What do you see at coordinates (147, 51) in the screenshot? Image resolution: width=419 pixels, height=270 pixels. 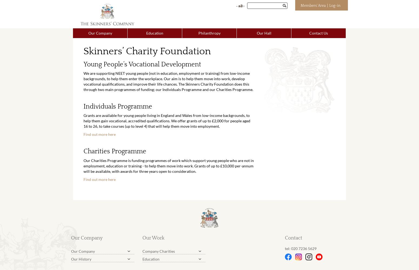 I see `'Skinners’ Charity Foundation'` at bounding box center [147, 51].